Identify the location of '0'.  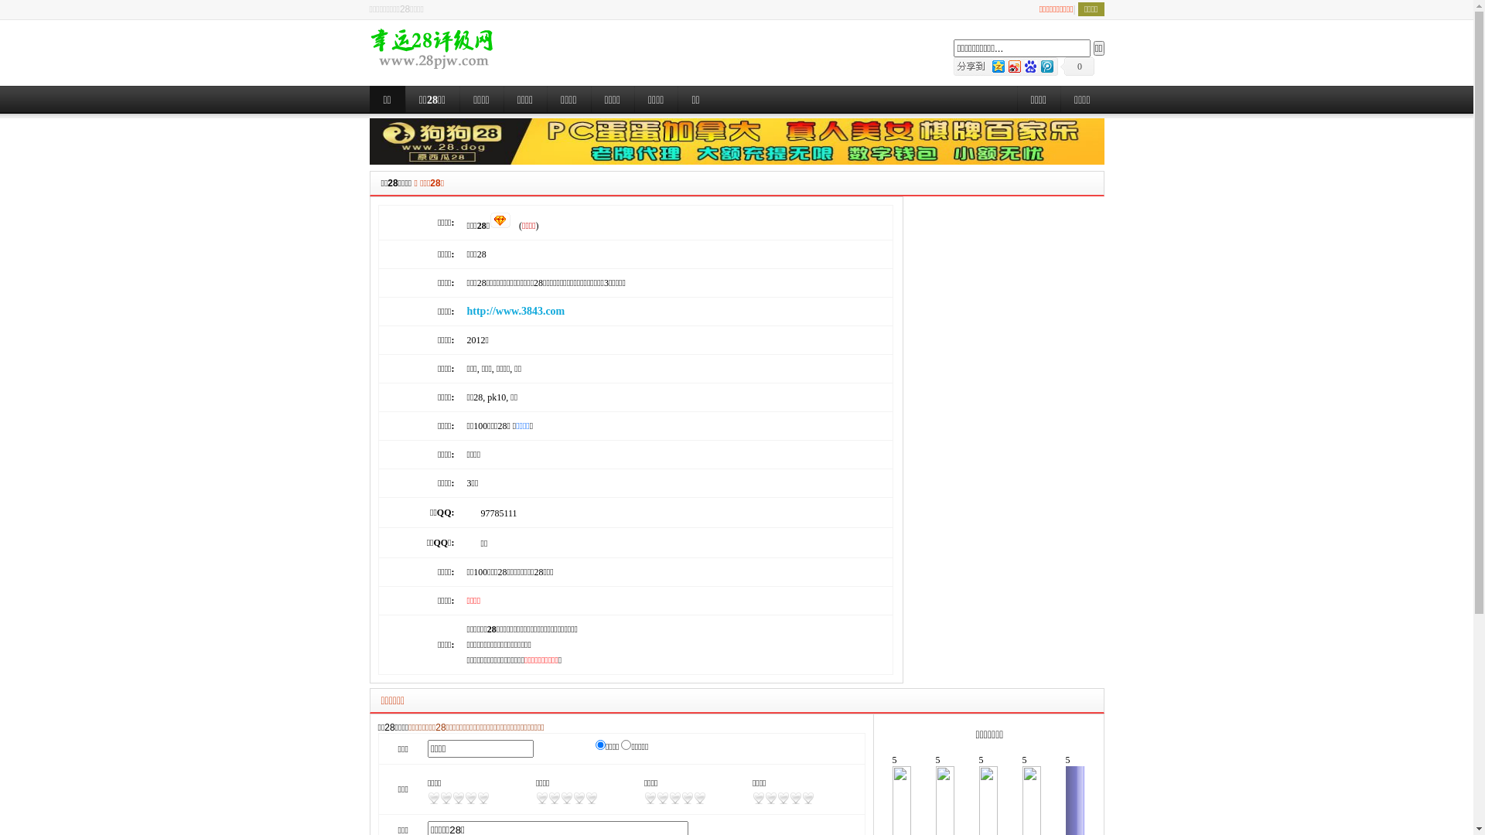
(1076, 65).